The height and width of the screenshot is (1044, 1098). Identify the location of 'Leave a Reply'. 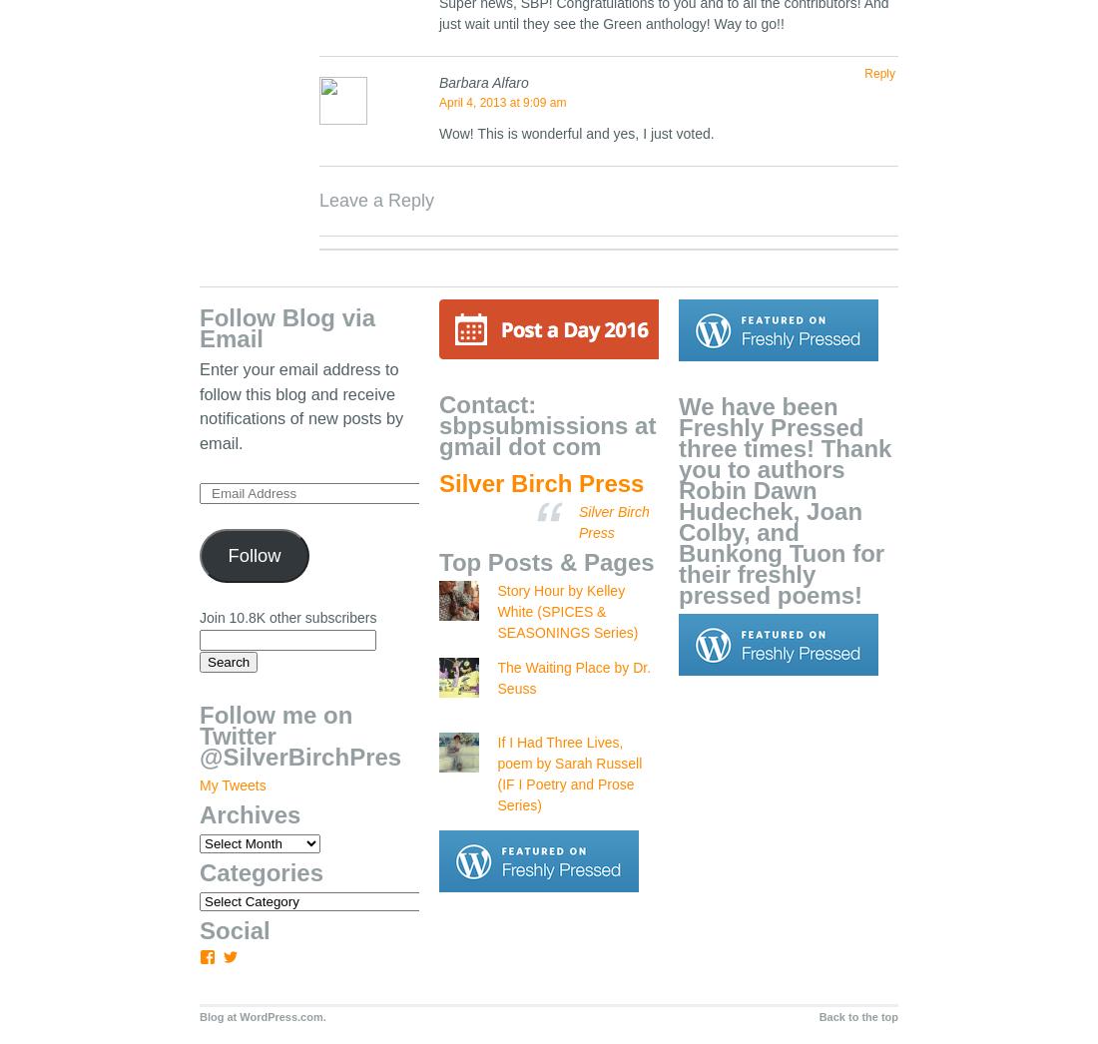
(376, 201).